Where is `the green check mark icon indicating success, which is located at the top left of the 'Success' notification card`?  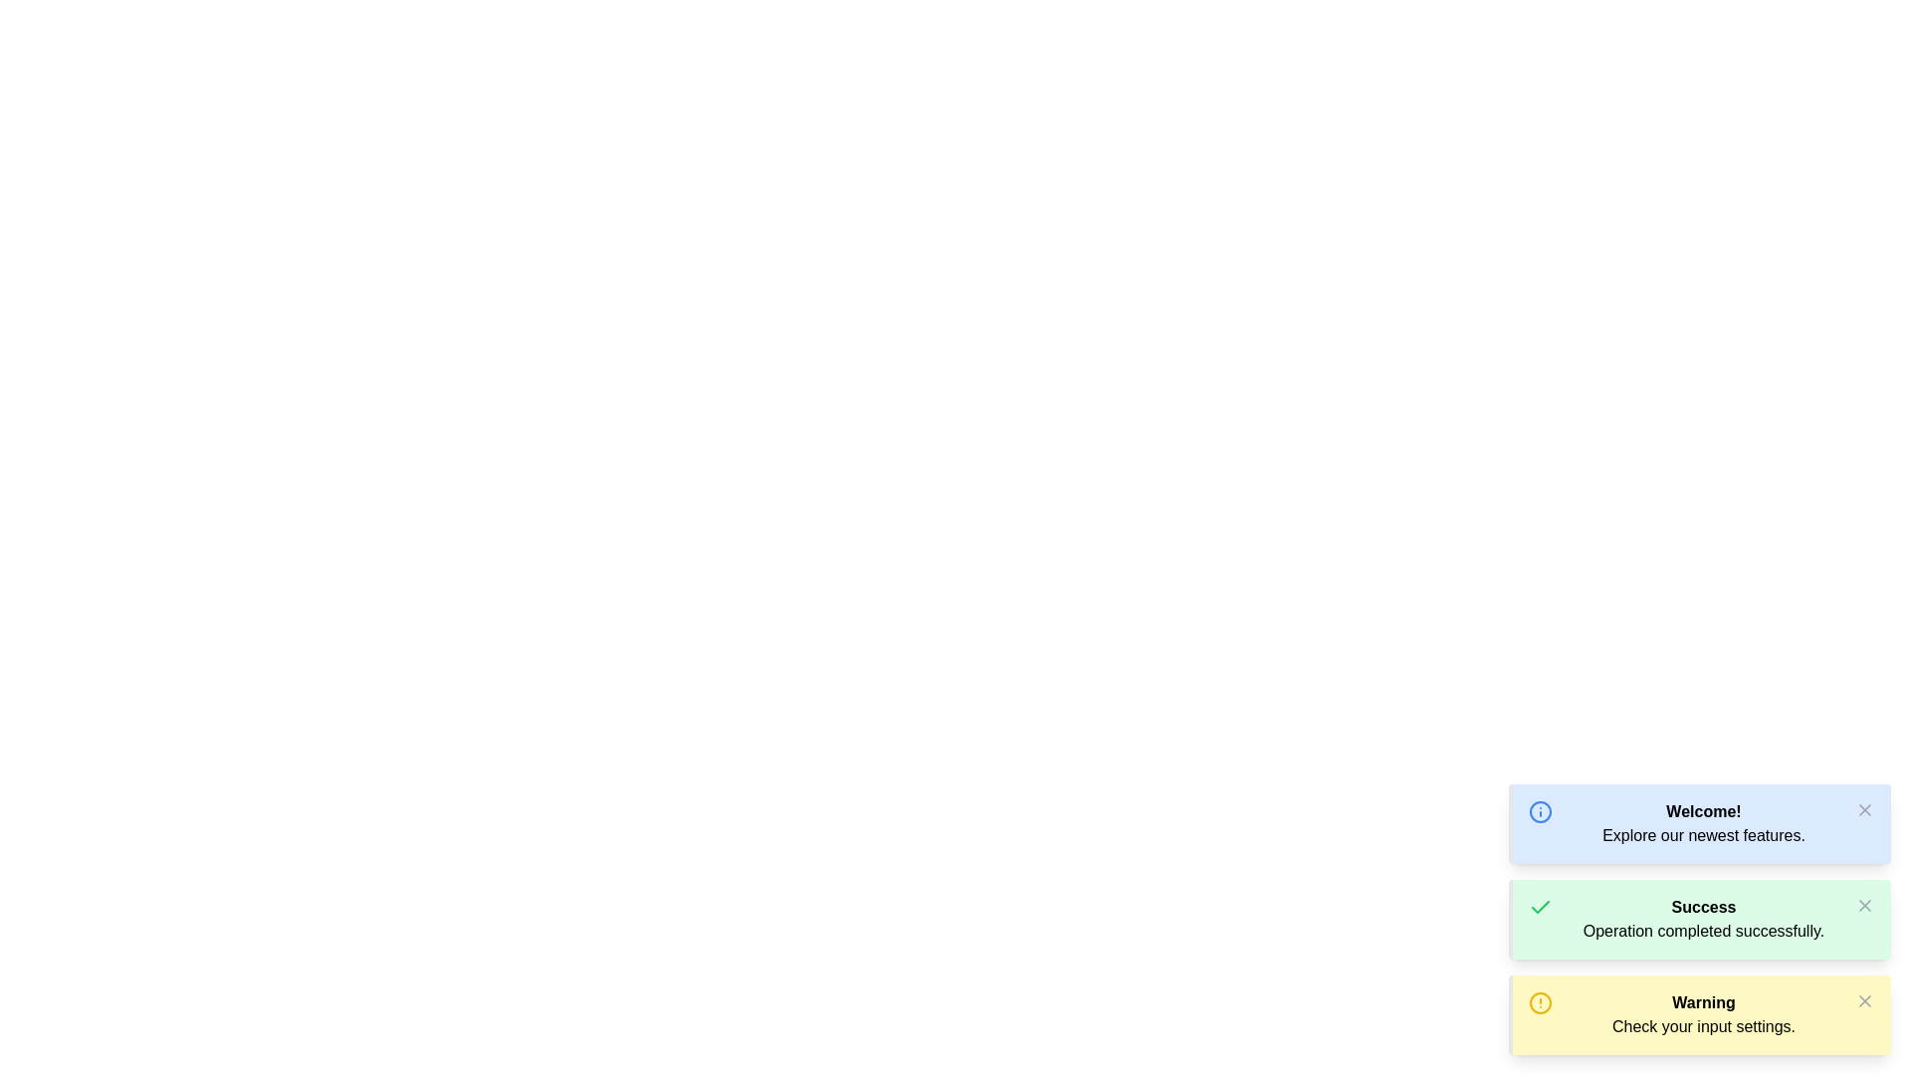
the green check mark icon indicating success, which is located at the top left of the 'Success' notification card is located at coordinates (1540, 907).